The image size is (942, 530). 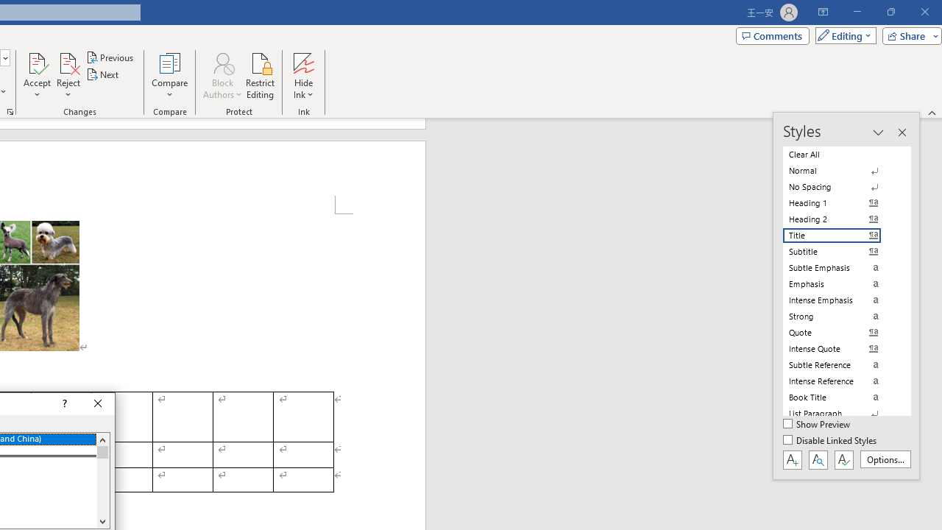 What do you see at coordinates (840, 170) in the screenshot?
I see `'Normal'` at bounding box center [840, 170].